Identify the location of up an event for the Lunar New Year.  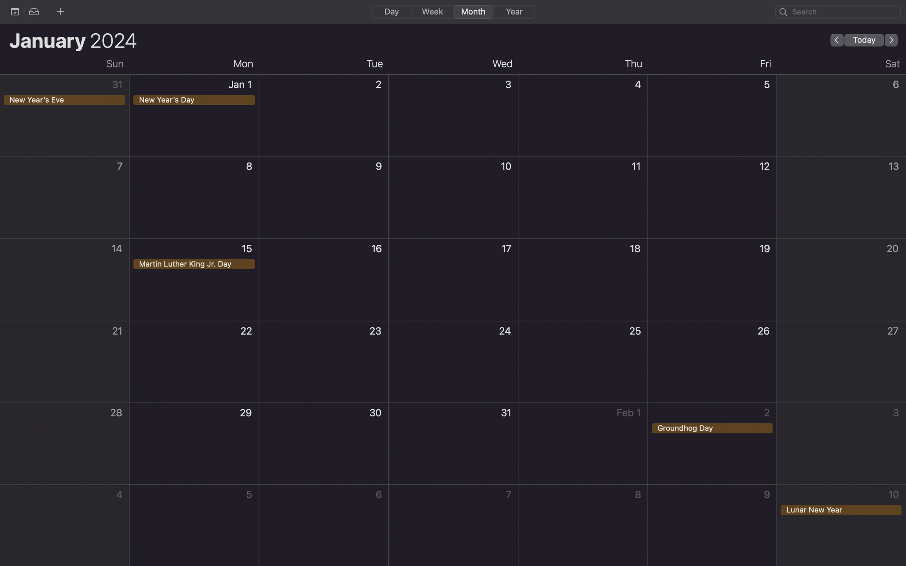
(841, 524).